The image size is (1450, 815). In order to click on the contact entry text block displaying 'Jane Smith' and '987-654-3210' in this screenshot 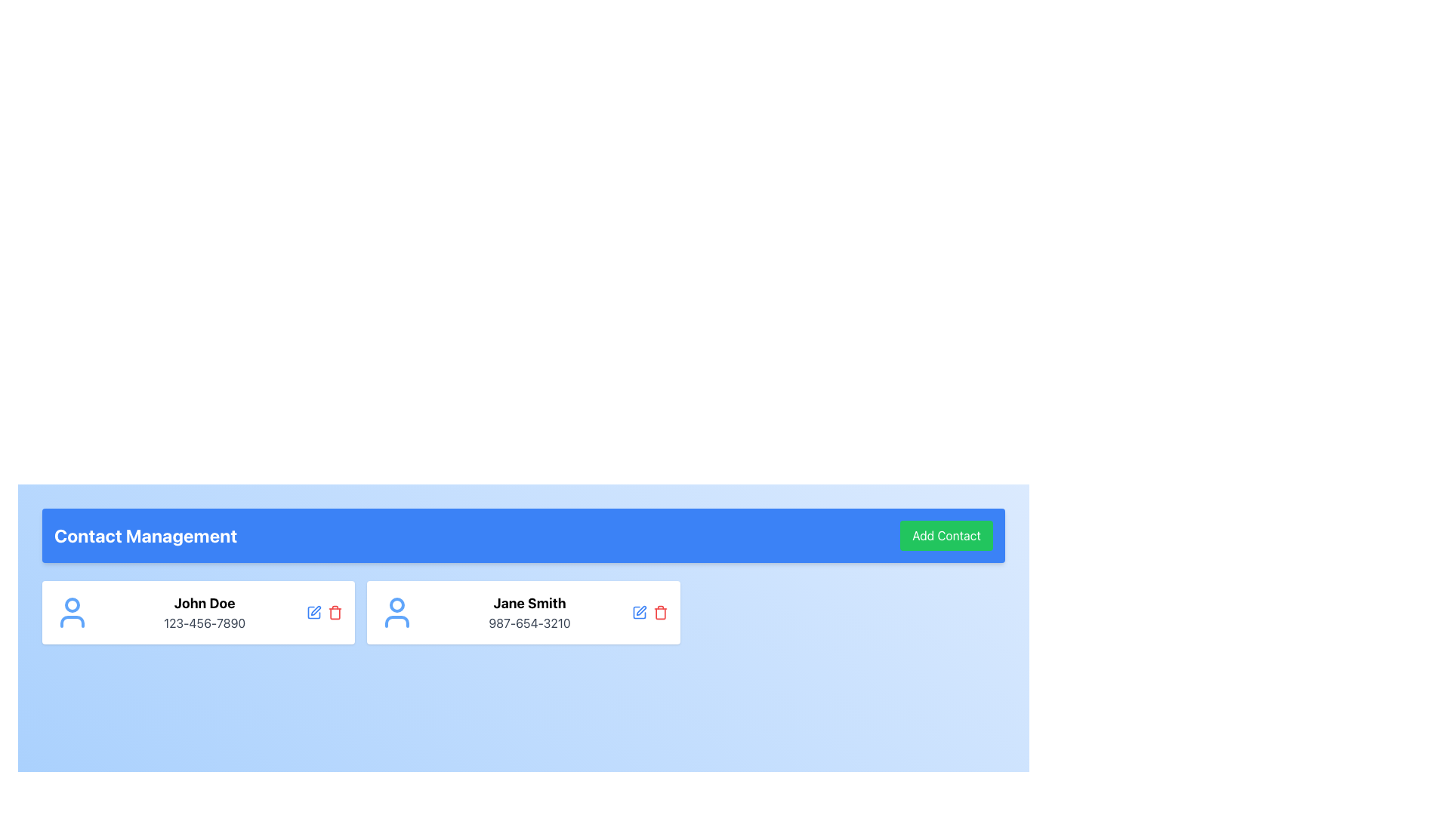, I will do `click(529, 613)`.